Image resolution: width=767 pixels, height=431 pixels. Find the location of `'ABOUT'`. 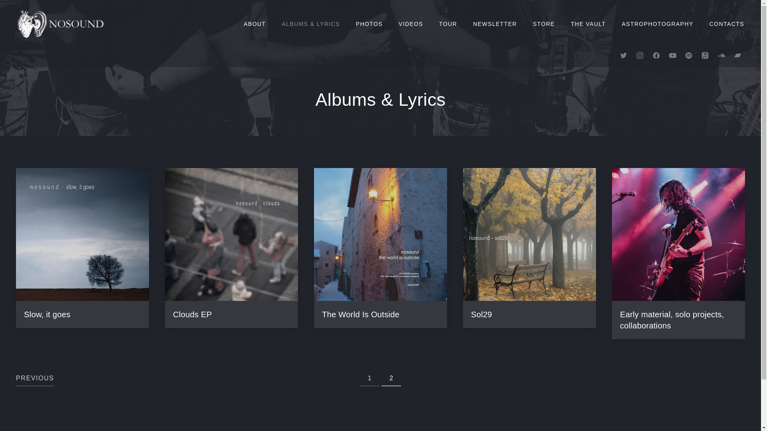

'ABOUT' is located at coordinates (254, 24).